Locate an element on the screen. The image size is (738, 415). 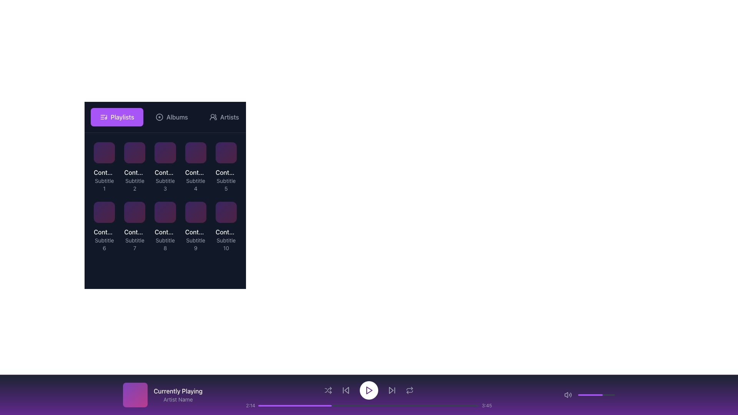
the play button located at the center of the circular button in the bottom control bar of the media player interface is located at coordinates (369, 390).